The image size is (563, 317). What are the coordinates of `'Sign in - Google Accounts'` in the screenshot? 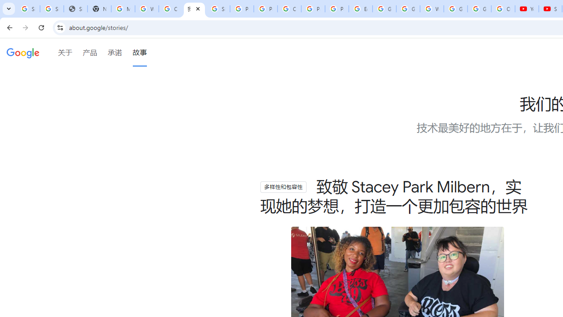 It's located at (51, 9).